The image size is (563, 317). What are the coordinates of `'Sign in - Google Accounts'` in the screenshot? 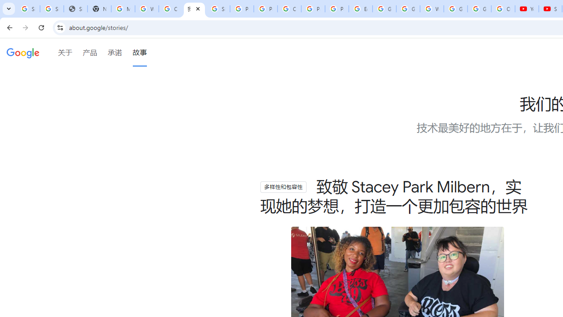 It's located at (51, 9).